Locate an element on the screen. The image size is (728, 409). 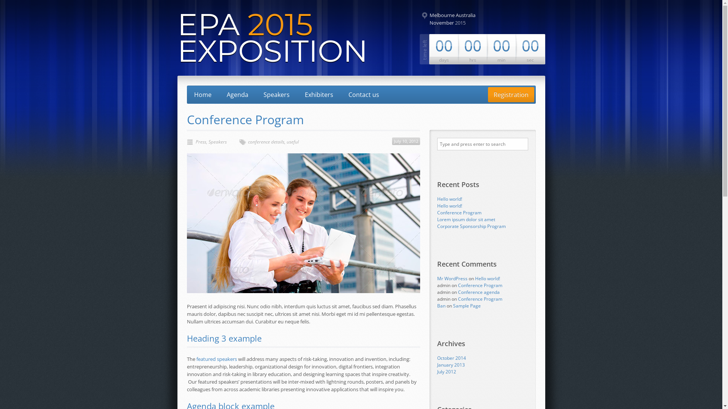
'Hello world!' is located at coordinates (449, 206).